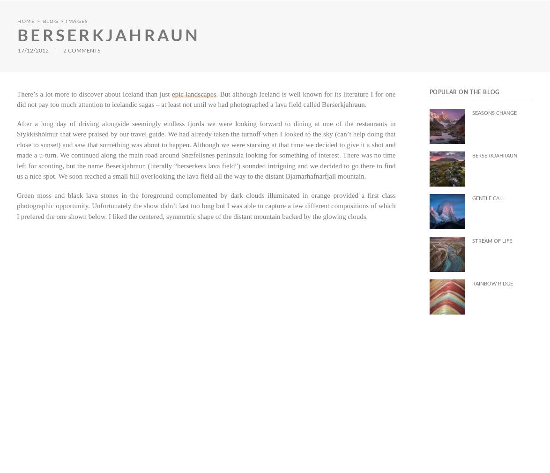 The image size is (550, 473). What do you see at coordinates (206, 98) in the screenshot?
I see `'. But although Iceland is well known for its literature I for one did not pay too much attention to icelandic sagas – at least not until we had photographed a lava field called Berserkjahraun.'` at bounding box center [206, 98].